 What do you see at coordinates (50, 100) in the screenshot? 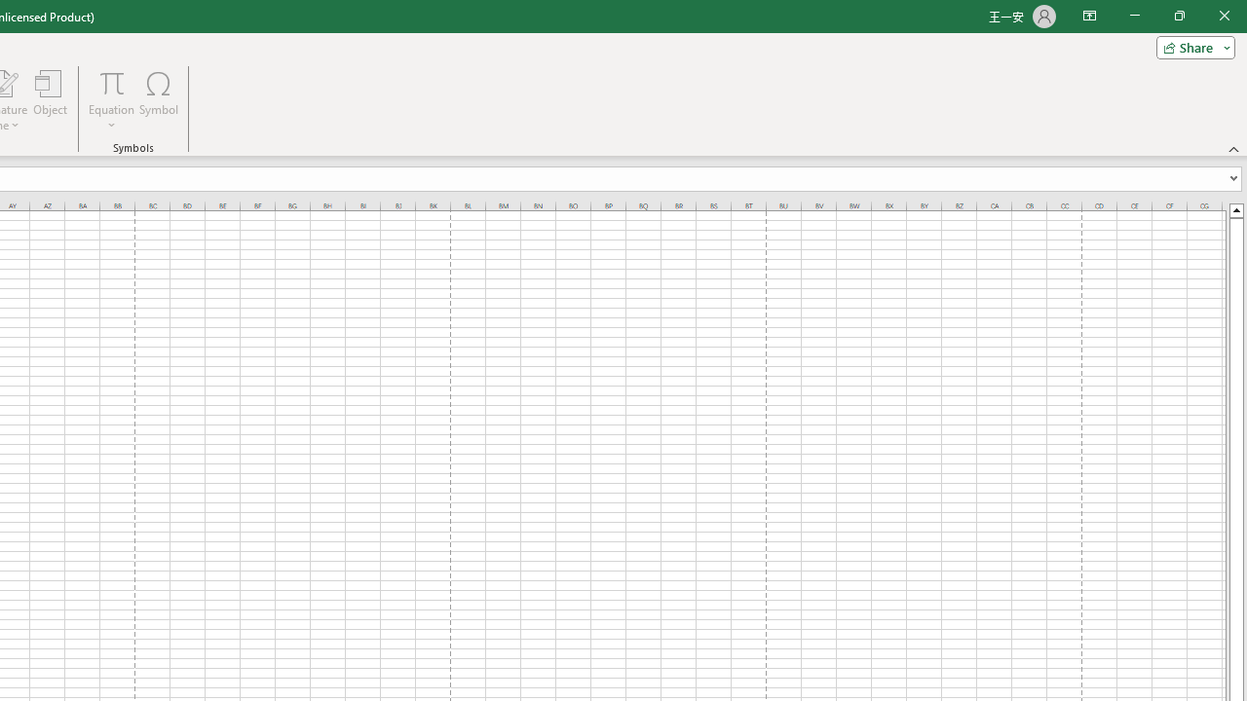
I see `'Object...'` at bounding box center [50, 100].